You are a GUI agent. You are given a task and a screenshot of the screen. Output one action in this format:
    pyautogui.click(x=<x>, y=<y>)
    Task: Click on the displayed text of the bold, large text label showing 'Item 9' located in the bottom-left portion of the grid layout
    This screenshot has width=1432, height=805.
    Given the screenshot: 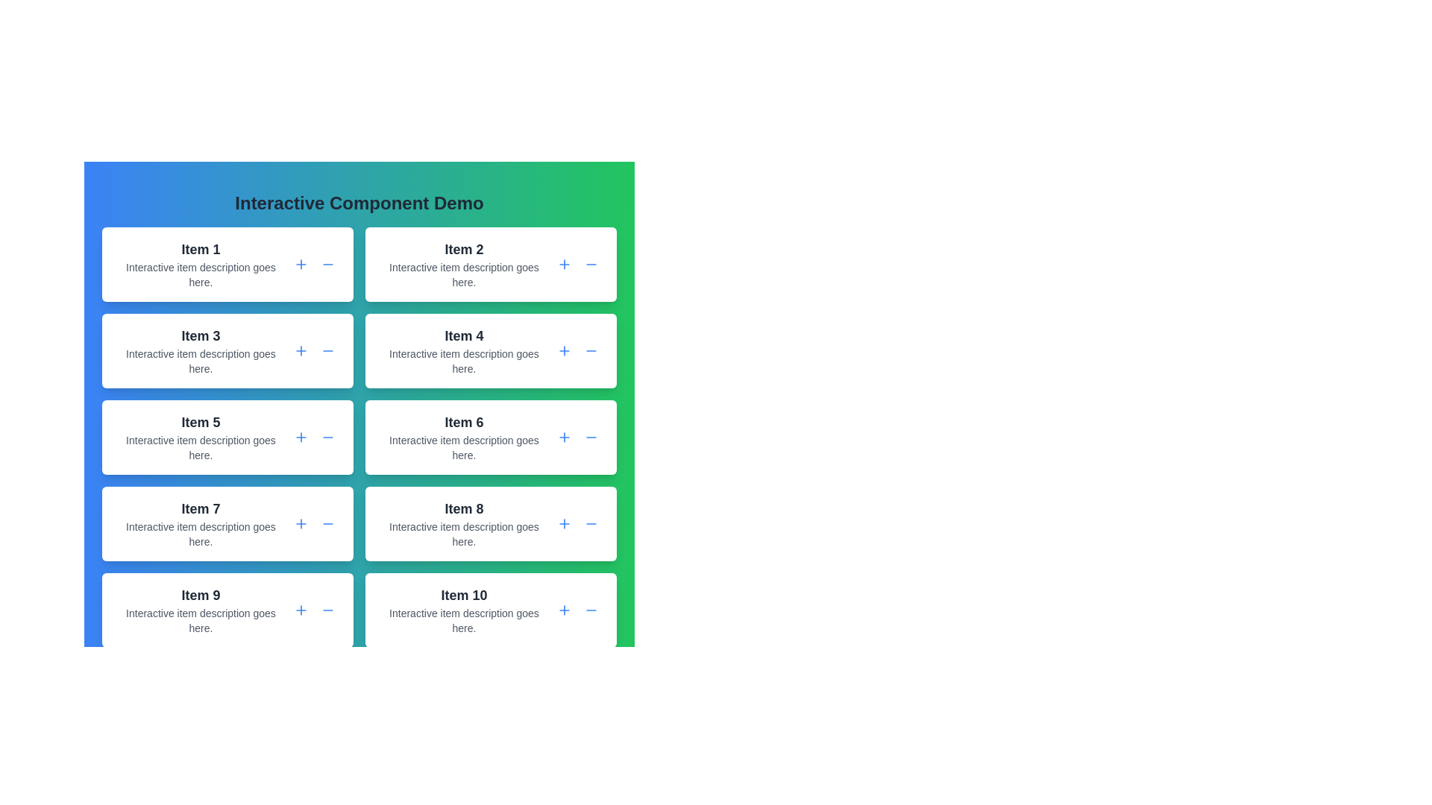 What is the action you would take?
    pyautogui.click(x=200, y=594)
    